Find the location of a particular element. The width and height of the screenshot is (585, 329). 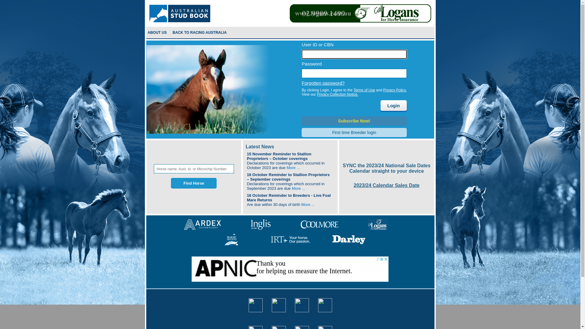

'2023/24 Calendar Sales Date' is located at coordinates (354, 185).